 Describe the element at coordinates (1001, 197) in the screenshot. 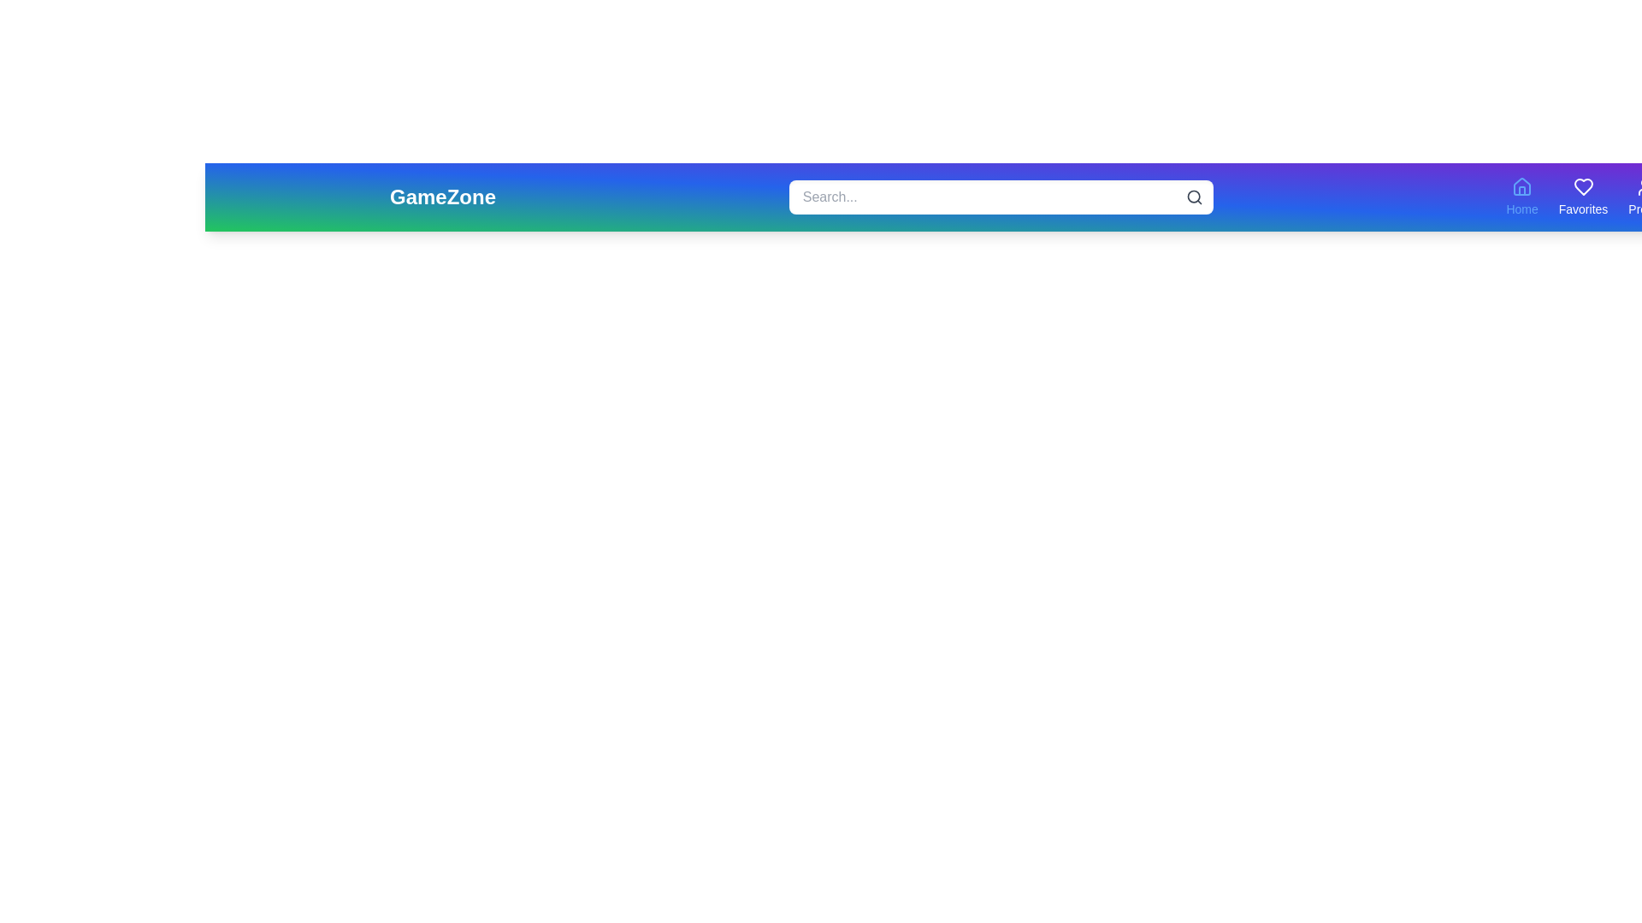

I see `the search bar and type the text 'example search'` at that location.